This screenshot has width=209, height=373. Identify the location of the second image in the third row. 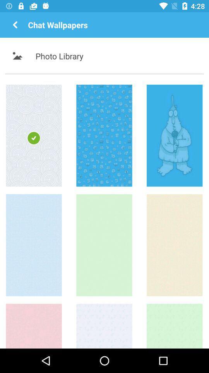
(104, 326).